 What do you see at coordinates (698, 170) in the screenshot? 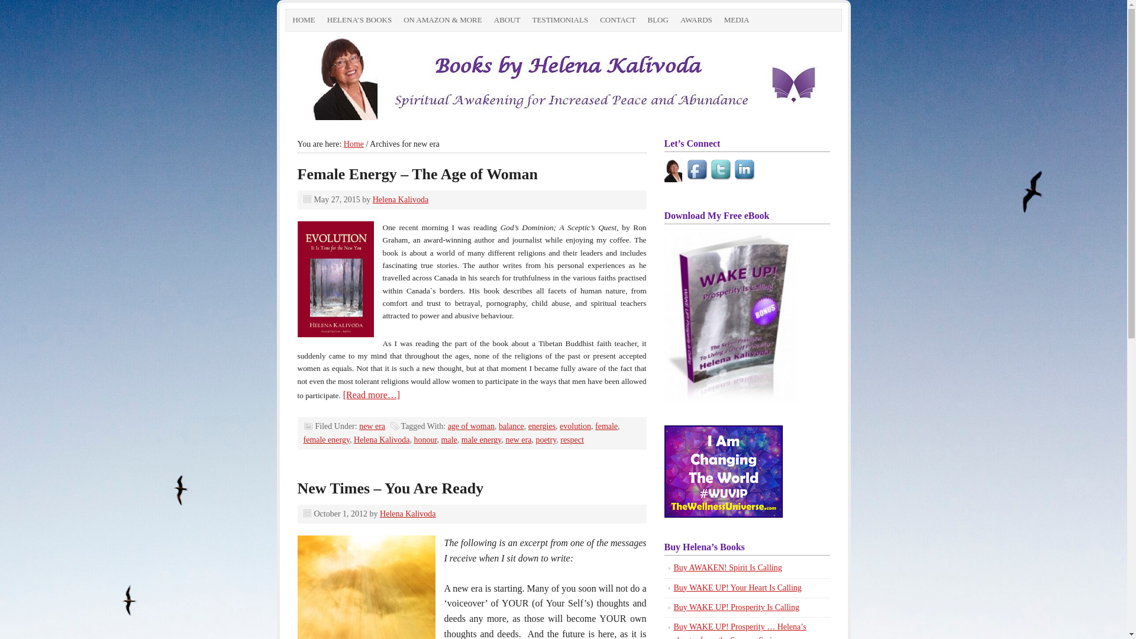
I see `'facebook'` at bounding box center [698, 170].